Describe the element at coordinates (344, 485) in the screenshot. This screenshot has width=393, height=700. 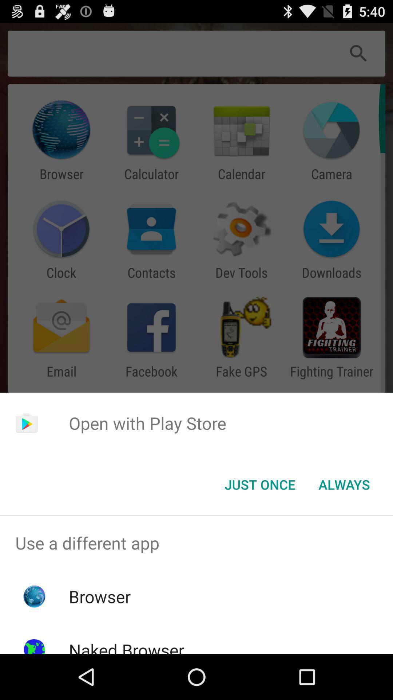
I see `always button` at that location.